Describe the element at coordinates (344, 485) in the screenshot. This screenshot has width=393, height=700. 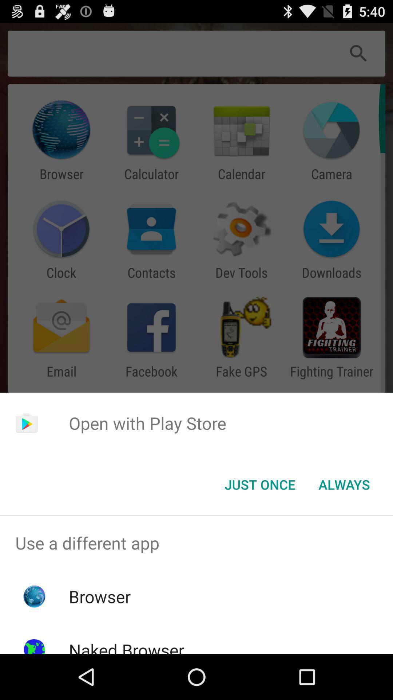
I see `always button` at that location.